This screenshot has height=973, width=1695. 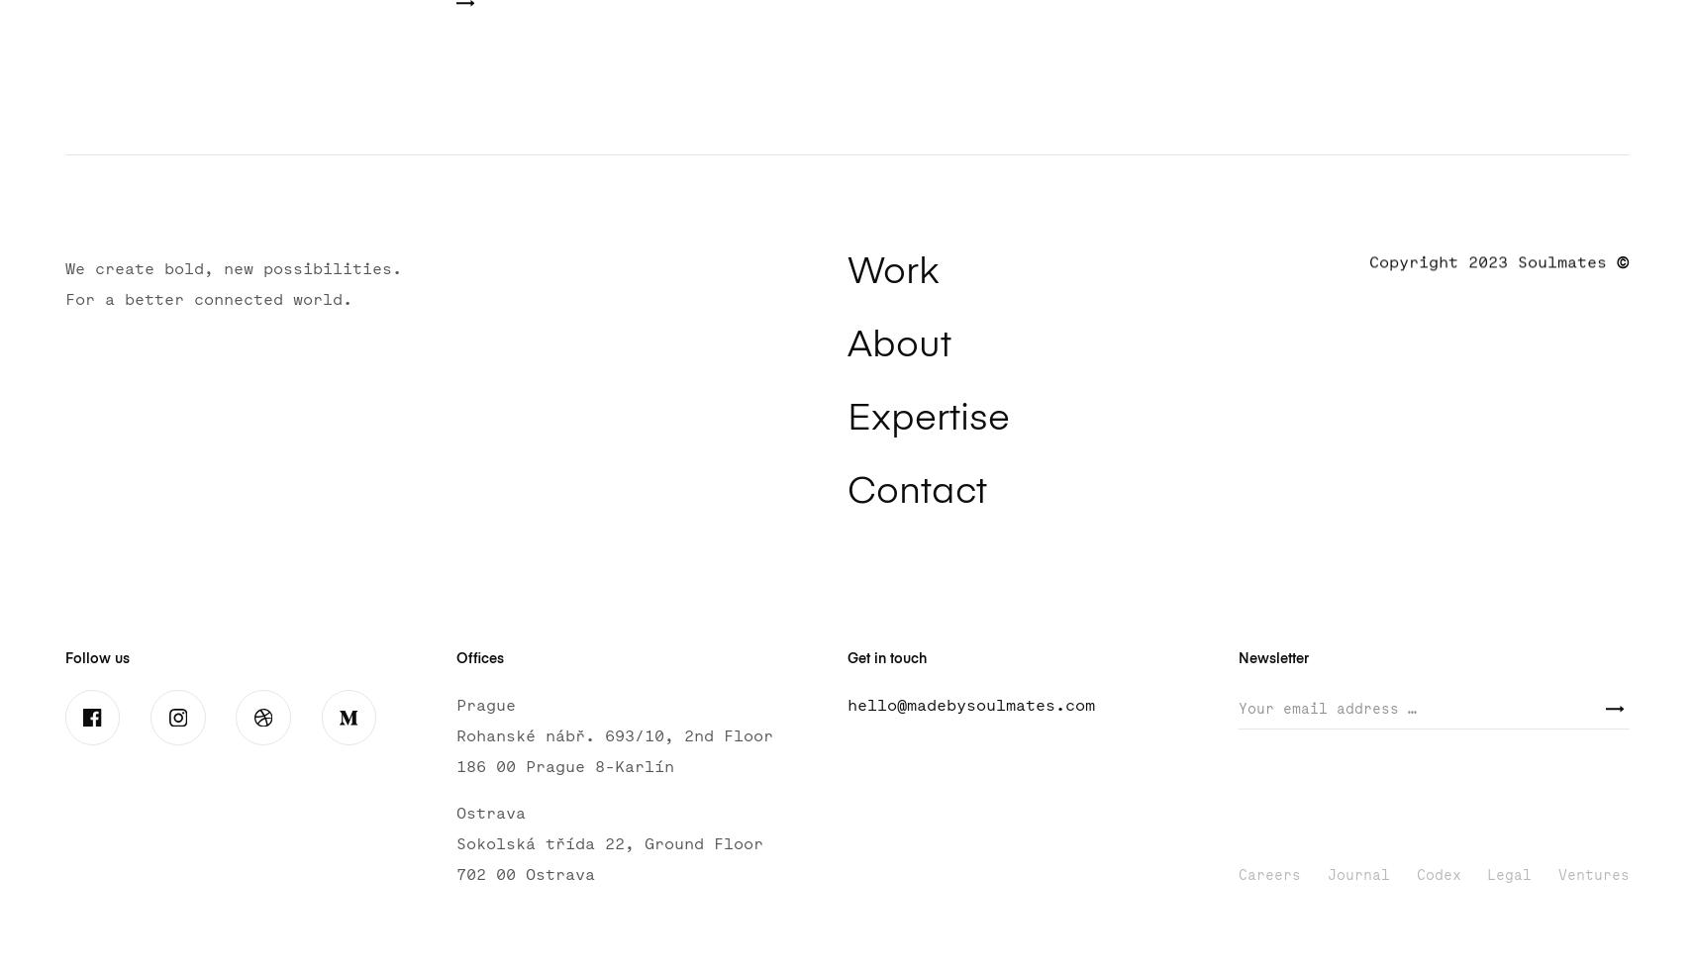 I want to click on '702 00 Ostrava', so click(x=524, y=874).